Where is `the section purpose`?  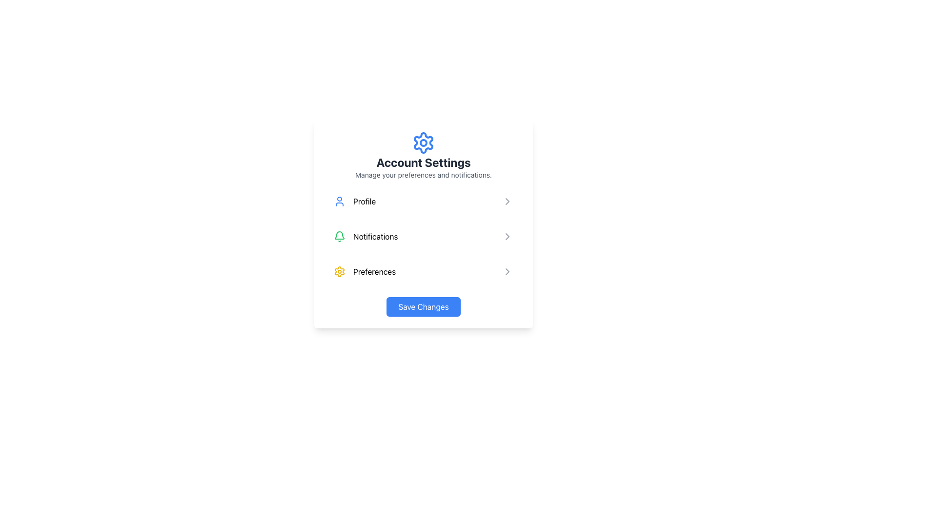 the section purpose is located at coordinates (424, 155).